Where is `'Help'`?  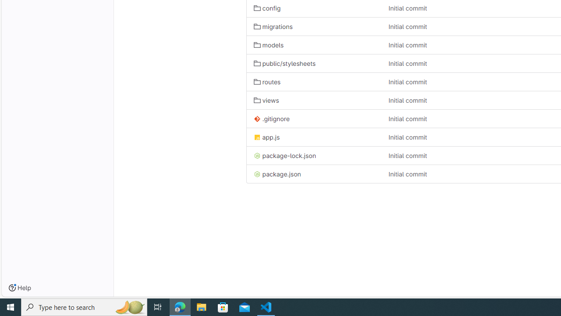
'Help' is located at coordinates (20, 287).